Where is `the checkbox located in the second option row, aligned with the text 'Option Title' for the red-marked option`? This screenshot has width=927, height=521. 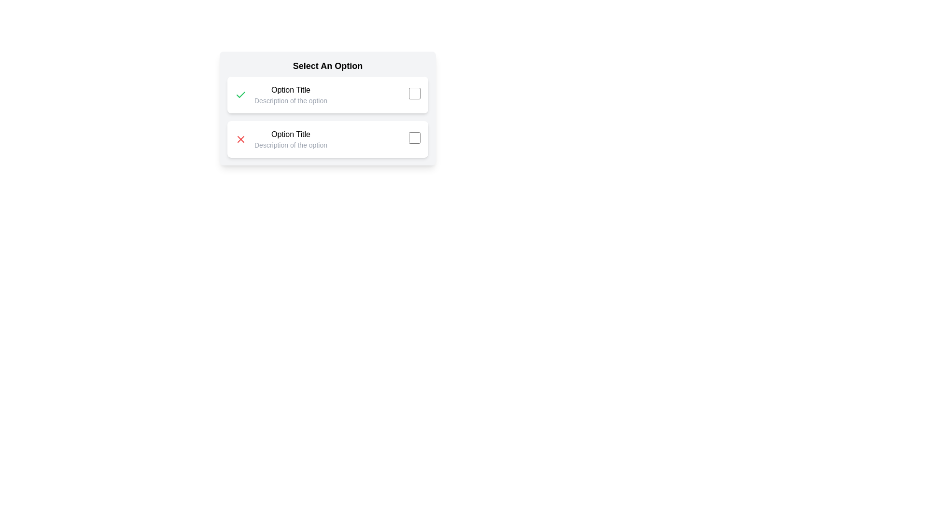 the checkbox located in the second option row, aligned with the text 'Option Title' for the red-marked option is located at coordinates (415, 137).